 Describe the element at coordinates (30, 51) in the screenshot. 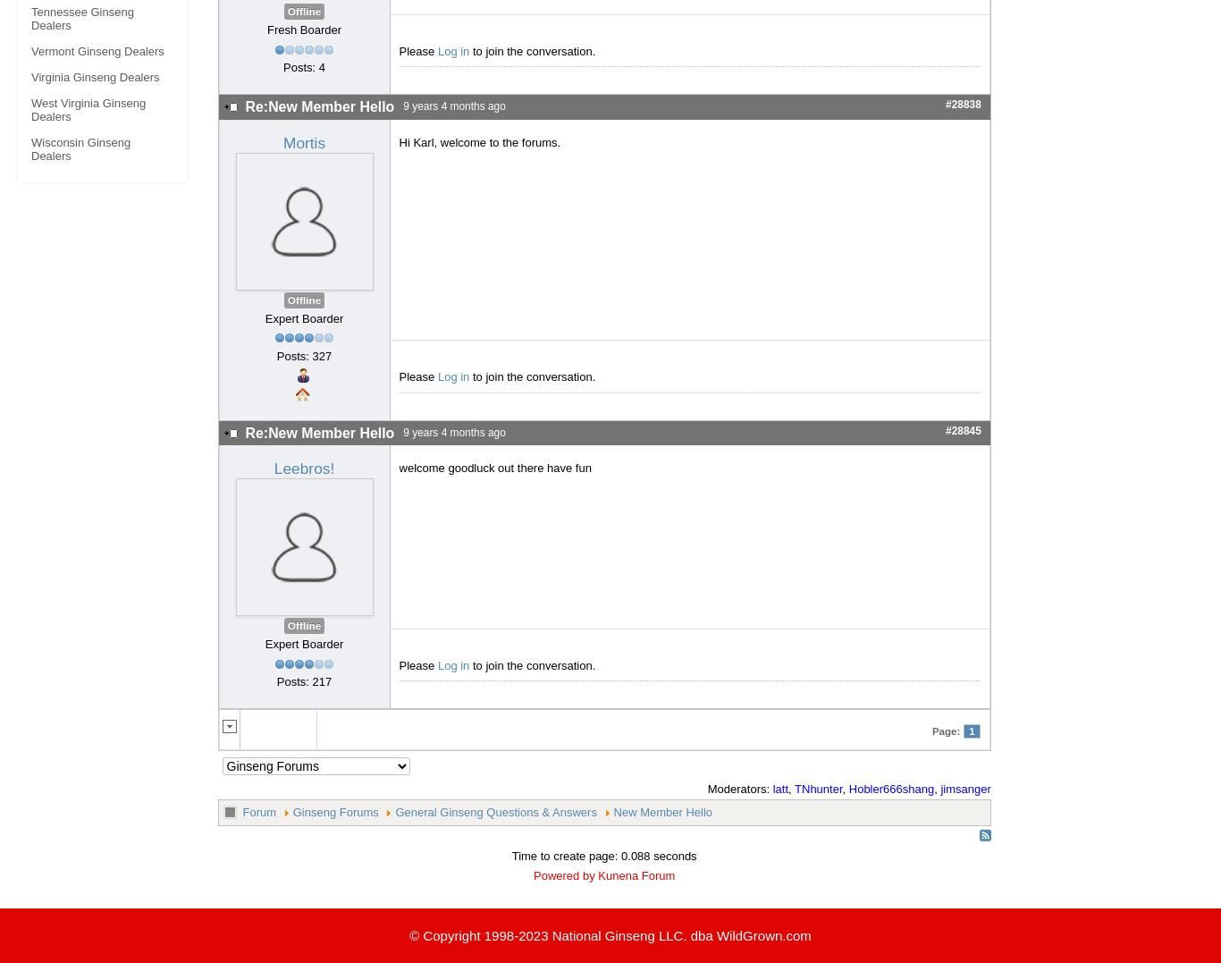

I see `'Vermont Ginseng Dealers'` at that location.